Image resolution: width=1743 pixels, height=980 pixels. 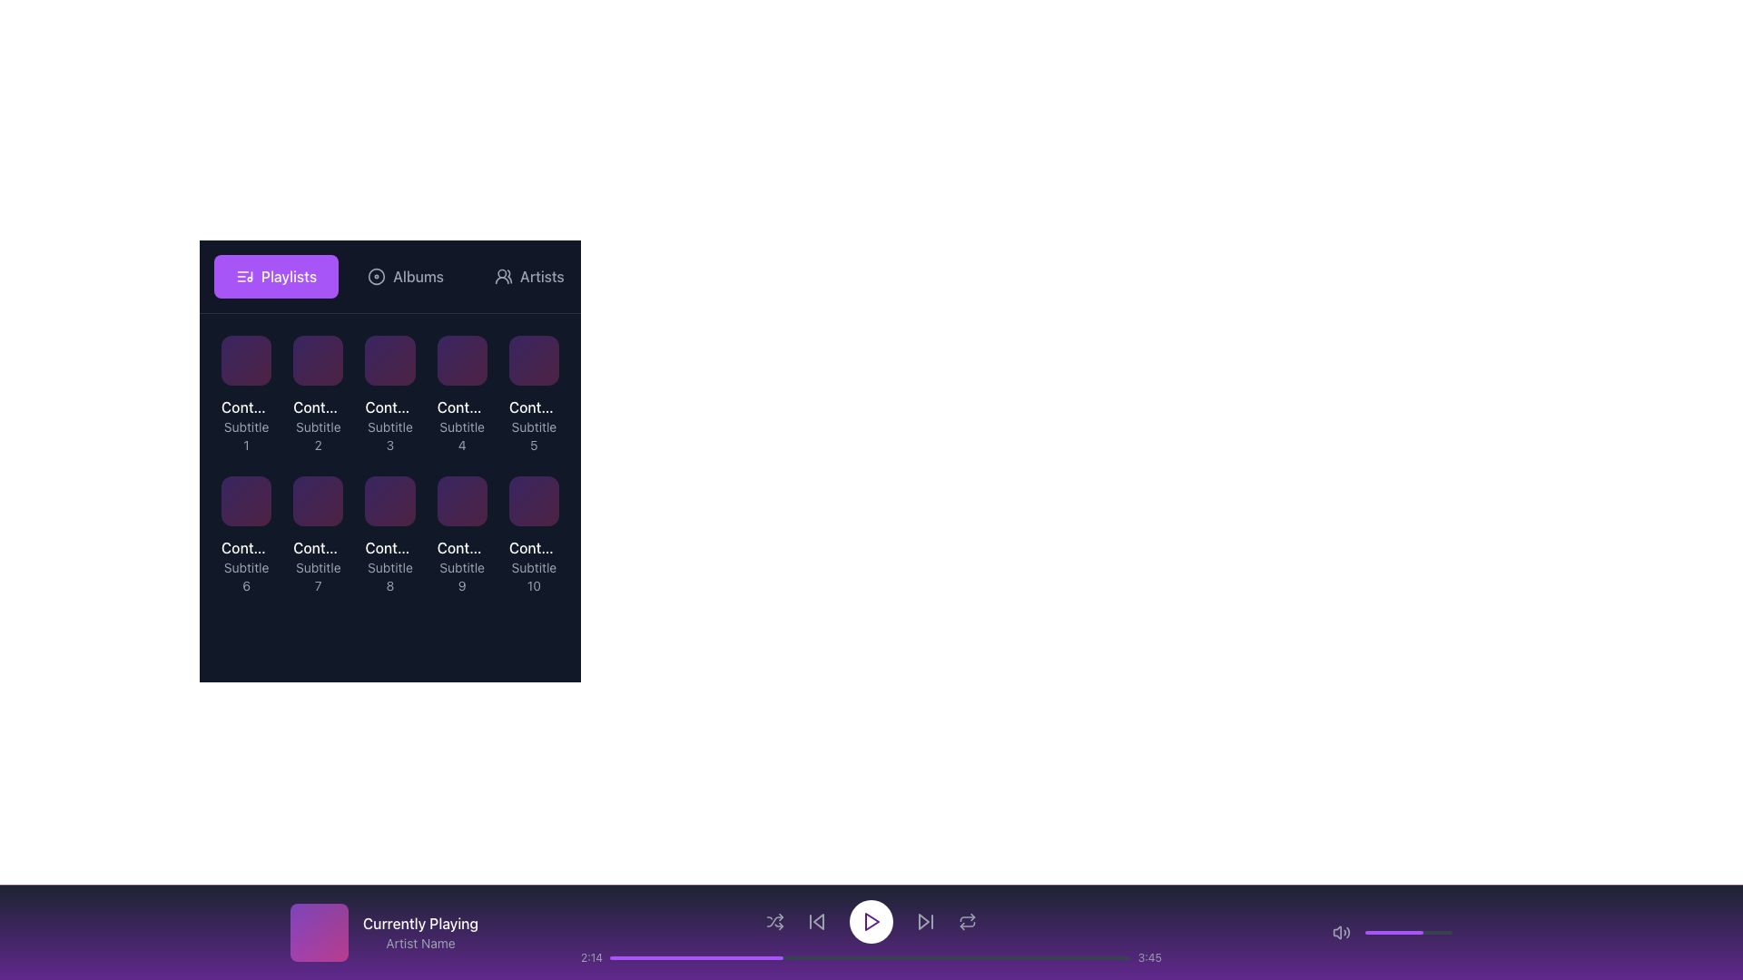 What do you see at coordinates (1348, 933) in the screenshot?
I see `third curve of the sound wave icon in the bottom audio control bar using developer tools` at bounding box center [1348, 933].